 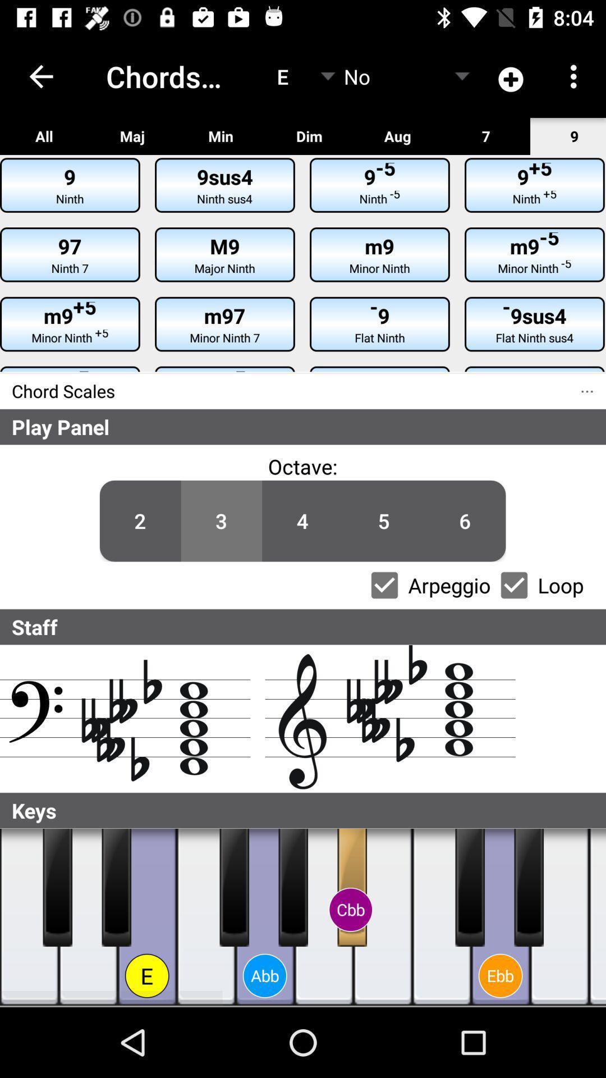 What do you see at coordinates (511, 76) in the screenshot?
I see `icon above the 7 item` at bounding box center [511, 76].